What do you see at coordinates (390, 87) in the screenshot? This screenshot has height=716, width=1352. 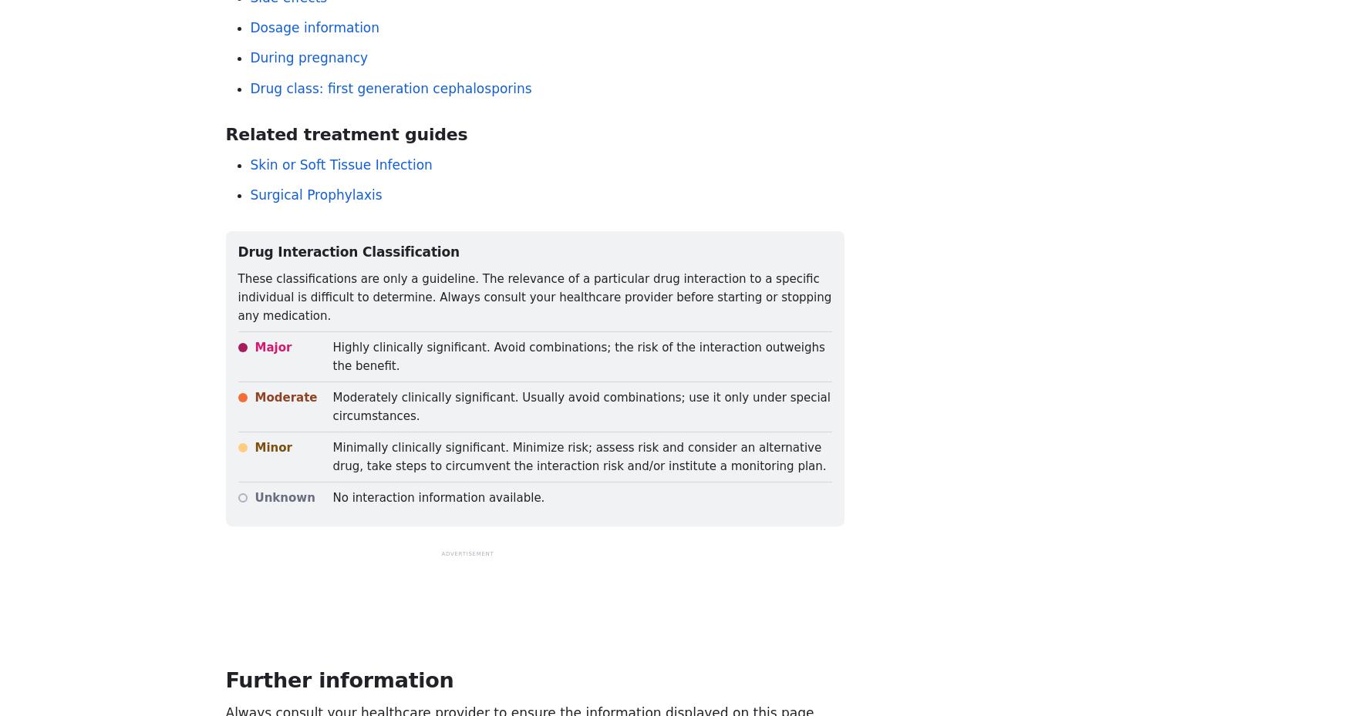 I see `'Drug class: first generation cephalosporins'` at bounding box center [390, 87].